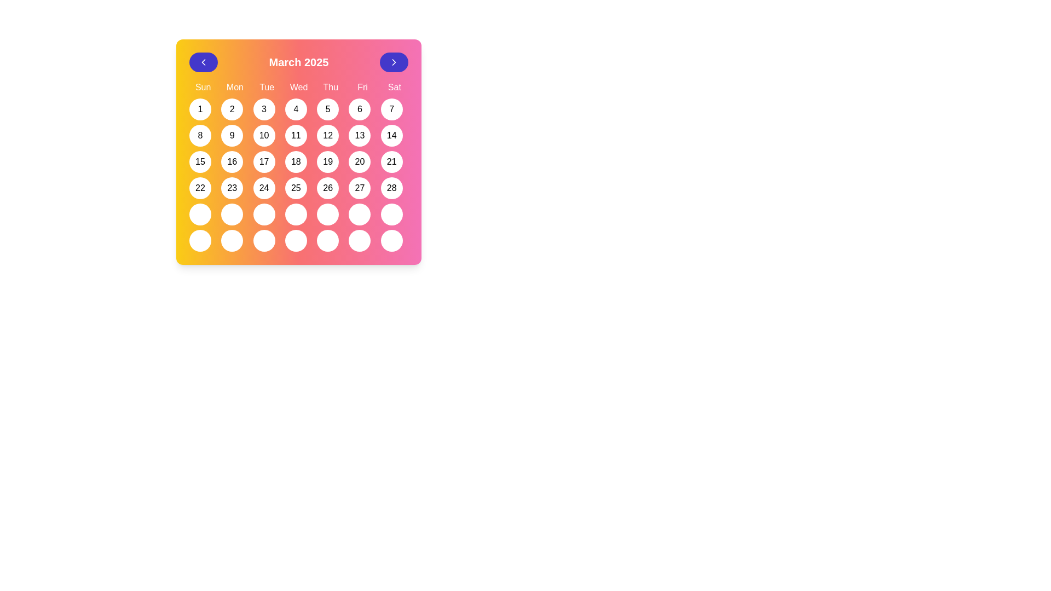  I want to click on the Interactive calendar day button representing the fourth day of the month, so click(296, 109).